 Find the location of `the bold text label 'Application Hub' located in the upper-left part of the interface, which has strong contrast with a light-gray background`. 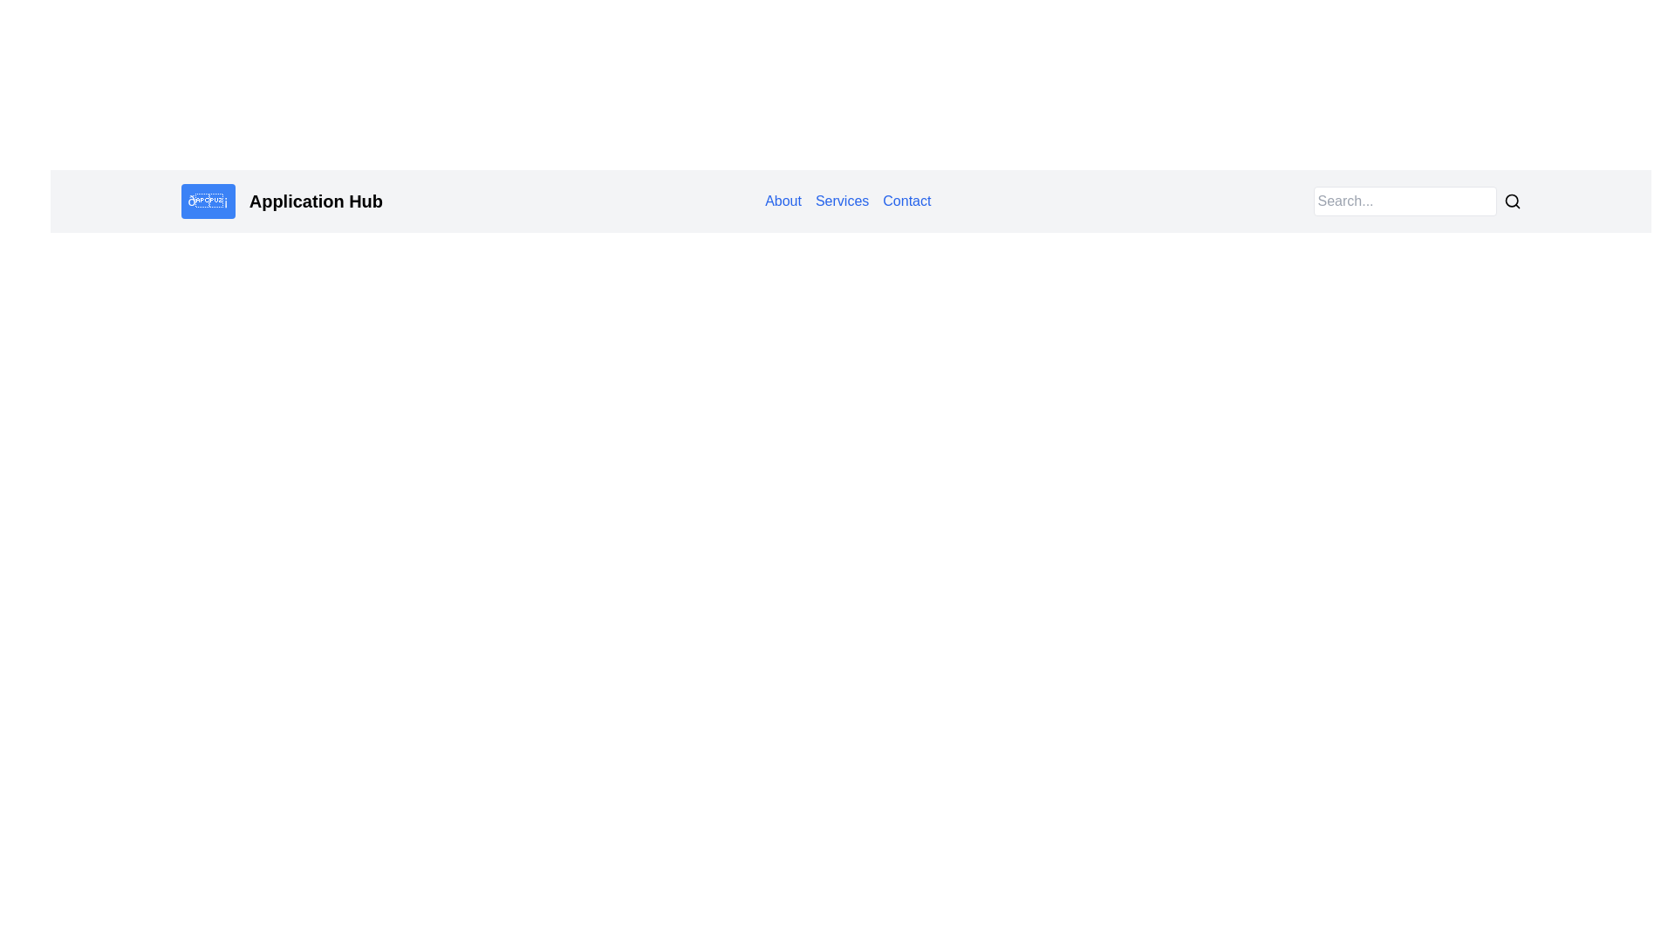

the bold text label 'Application Hub' located in the upper-left part of the interface, which has strong contrast with a light-gray background is located at coordinates (316, 201).